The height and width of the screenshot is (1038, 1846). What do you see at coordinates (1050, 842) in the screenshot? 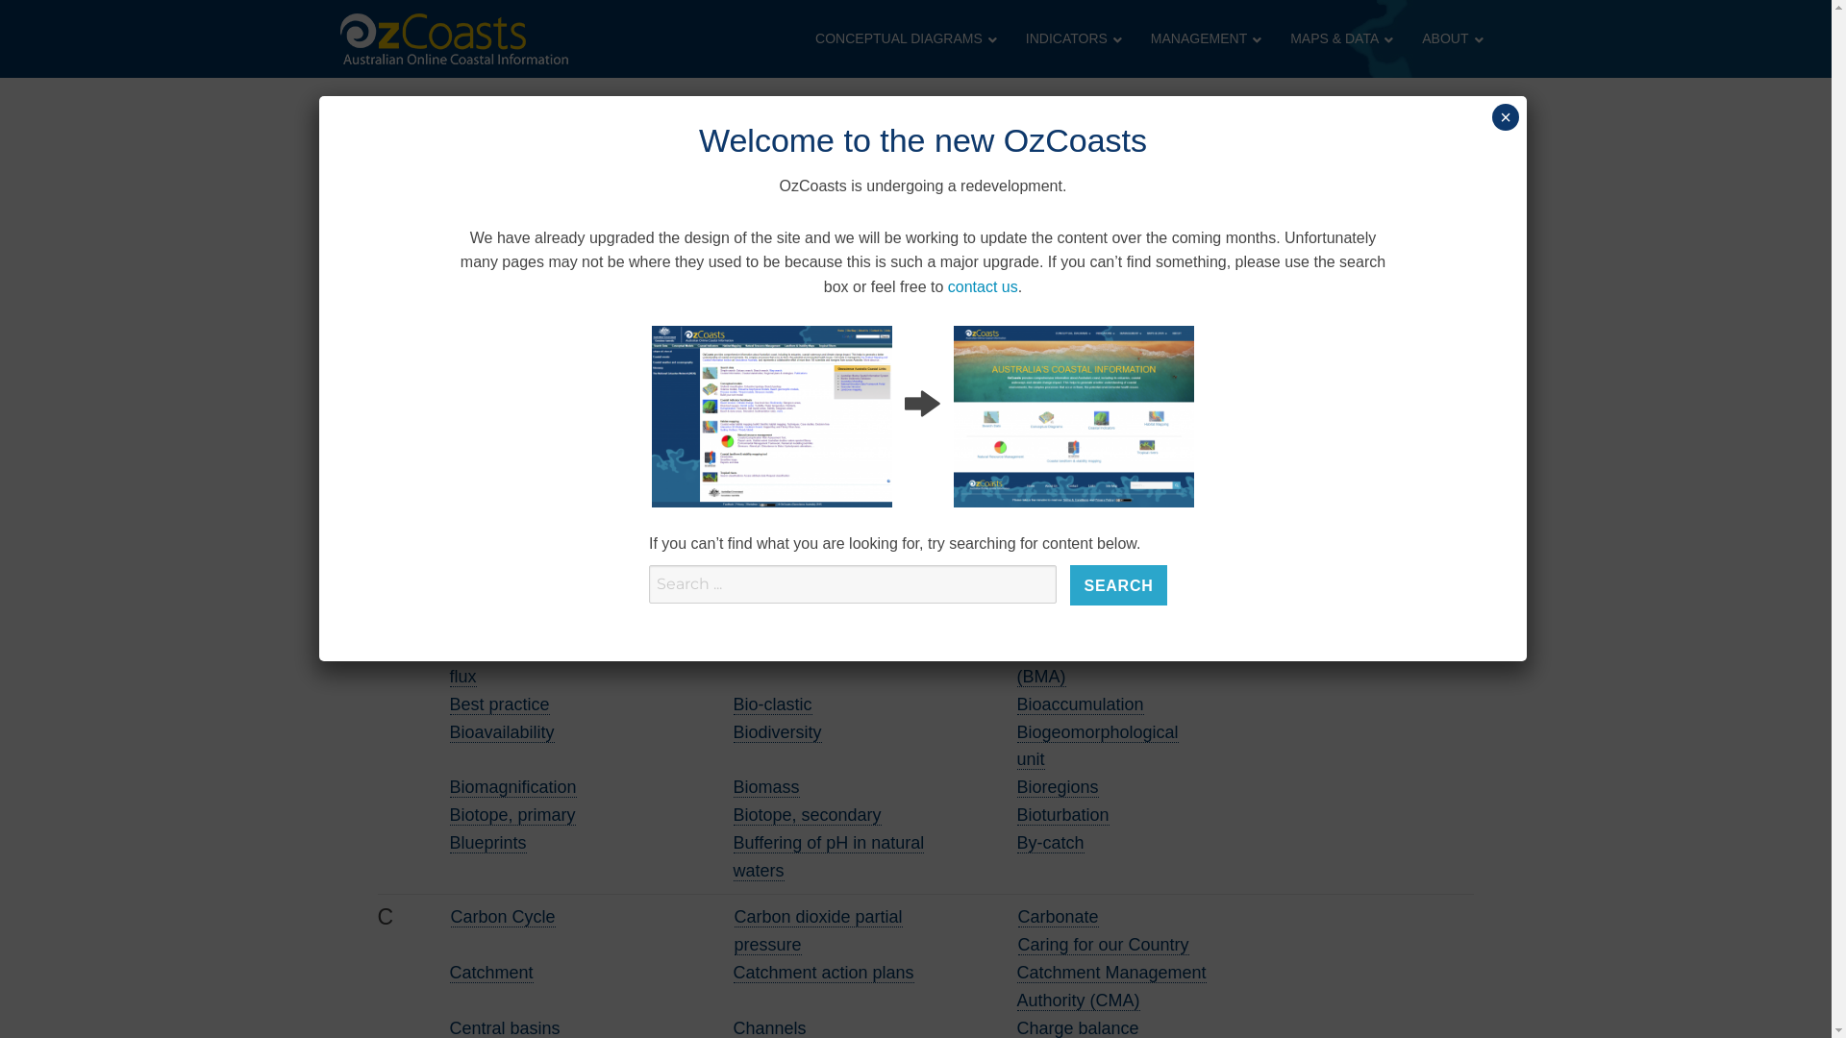
I see `'By-catch'` at bounding box center [1050, 842].